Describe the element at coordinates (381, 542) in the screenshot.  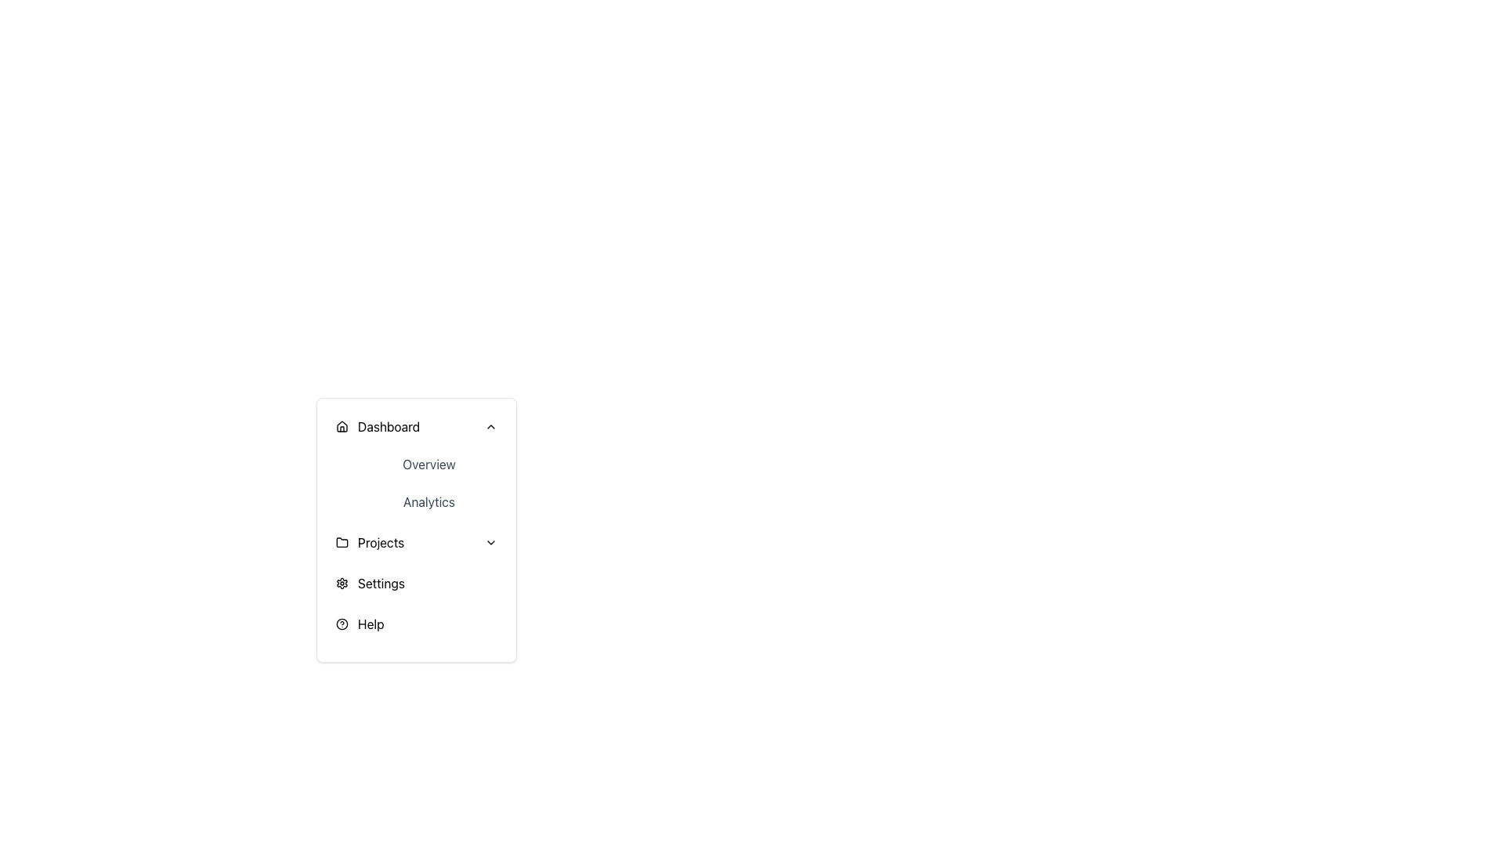
I see `the 'Projects' label in the sidebar menu under the 'Dashboard' entry` at that location.